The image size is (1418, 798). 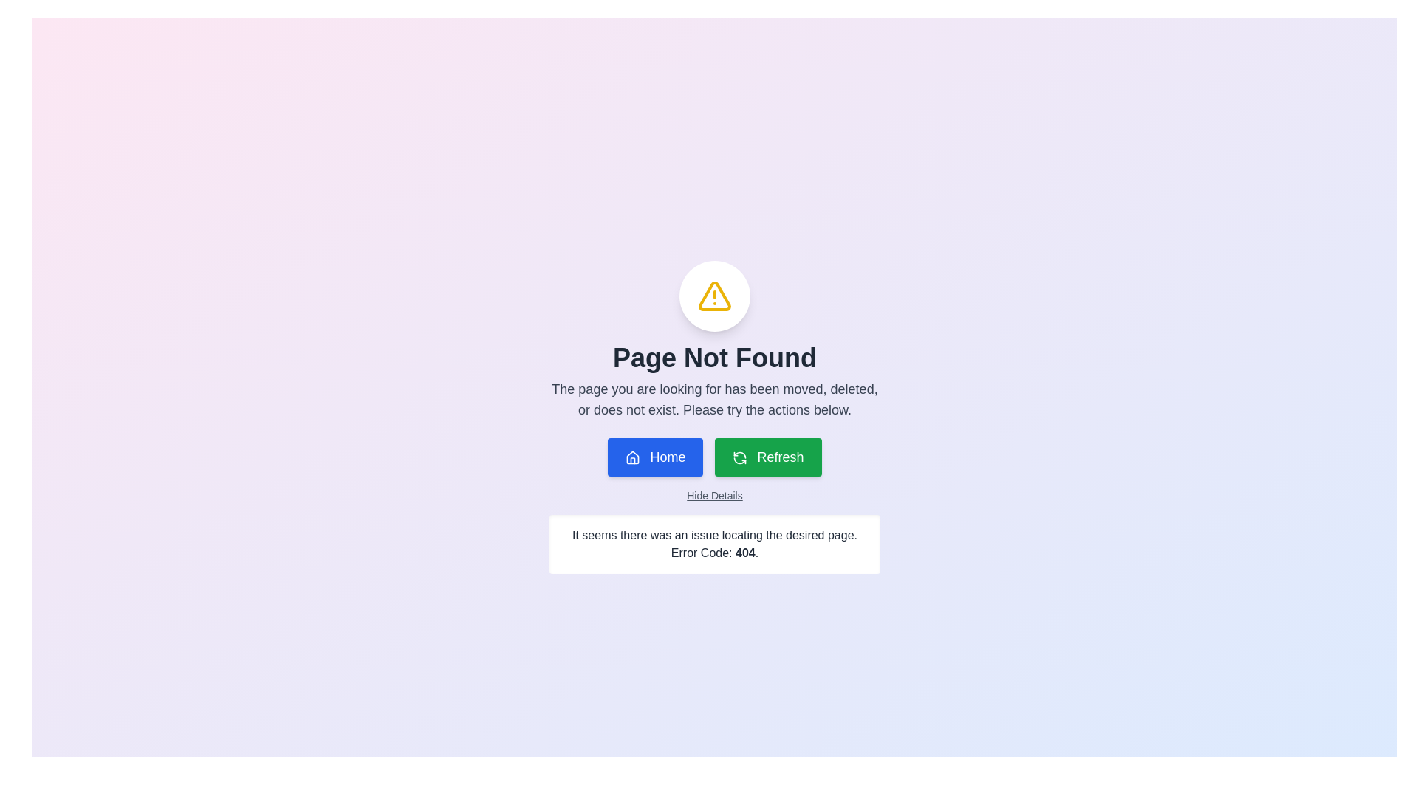 I want to click on the static text displaying the error code '404', which is located at the bottom of the page within a paragraph indicating that the requested page was not found, so click(x=745, y=553).